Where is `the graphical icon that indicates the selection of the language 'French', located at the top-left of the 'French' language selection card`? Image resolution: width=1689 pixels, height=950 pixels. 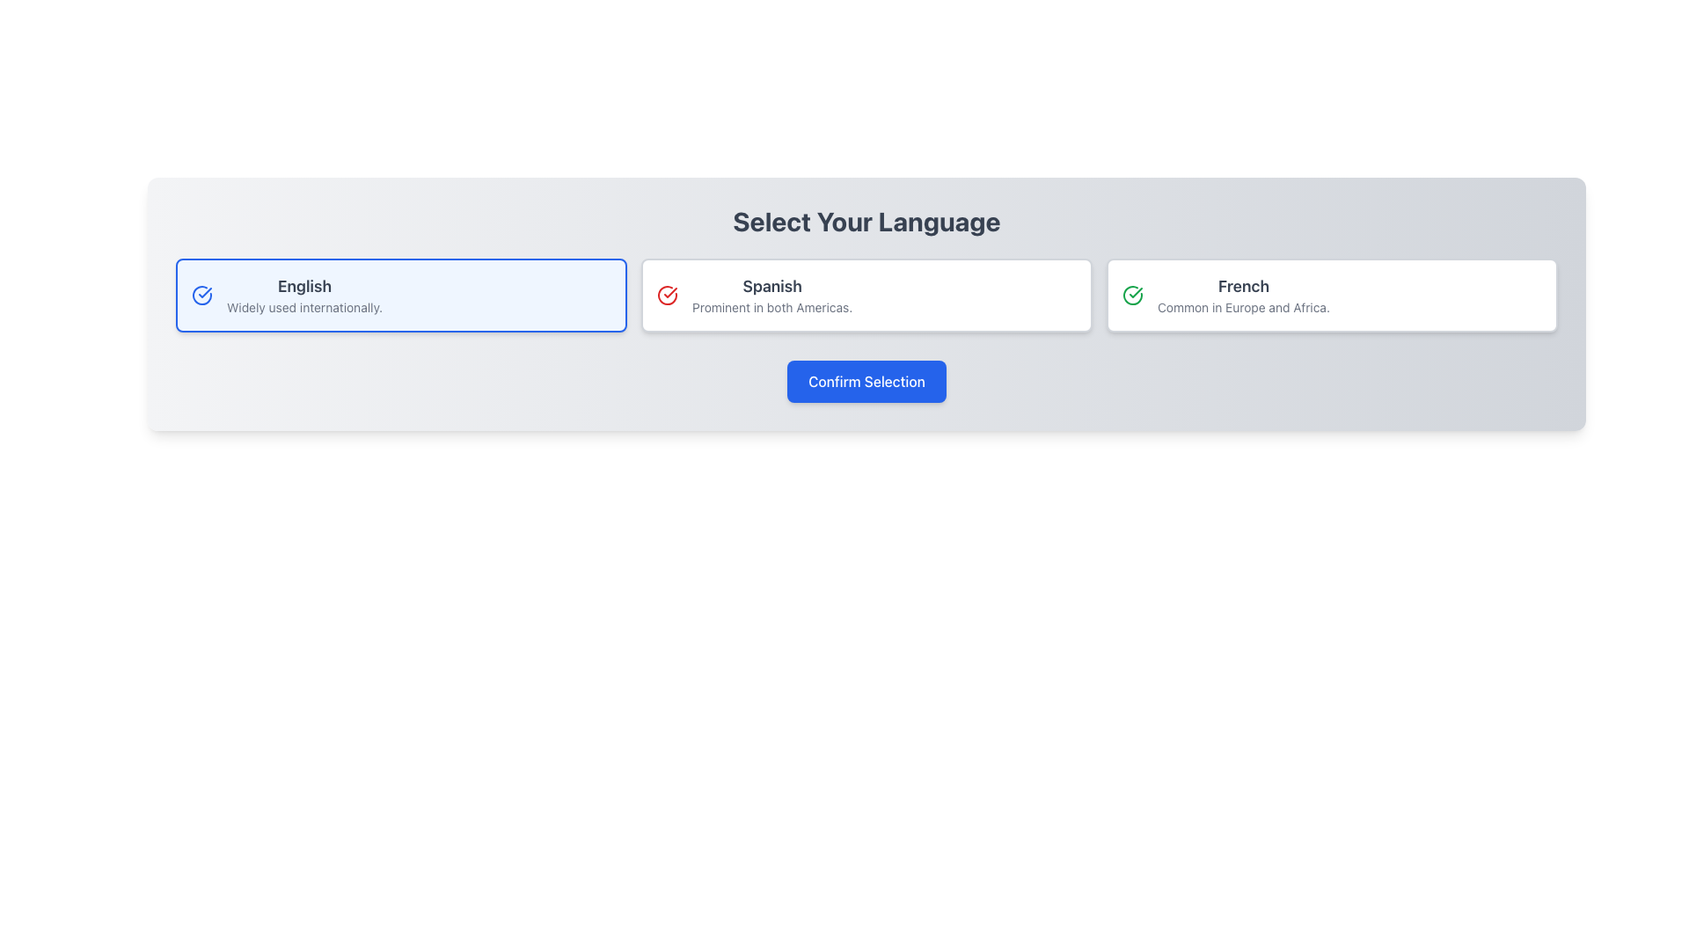
the graphical icon that indicates the selection of the language 'French', located at the top-left of the 'French' language selection card is located at coordinates (1132, 294).